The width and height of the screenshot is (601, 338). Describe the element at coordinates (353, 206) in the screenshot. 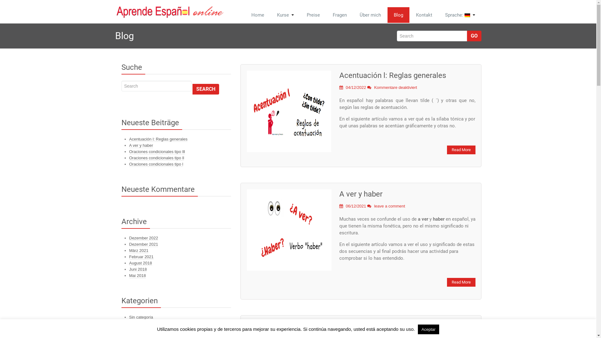

I see `'06/12/2021'` at that location.